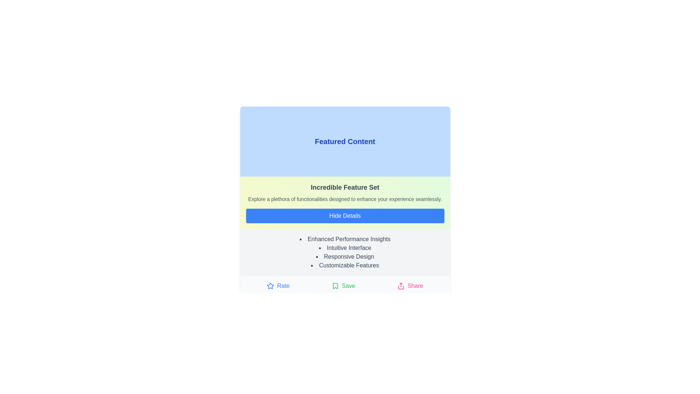  Describe the element at coordinates (345, 199) in the screenshot. I see `the Text Label displaying 'Explore a plethora of functionalities designed to enhance your experience seamlessly.' which is located beneath the title 'Incredible Feature Set' and above the button labeled 'Hide Details'` at that location.